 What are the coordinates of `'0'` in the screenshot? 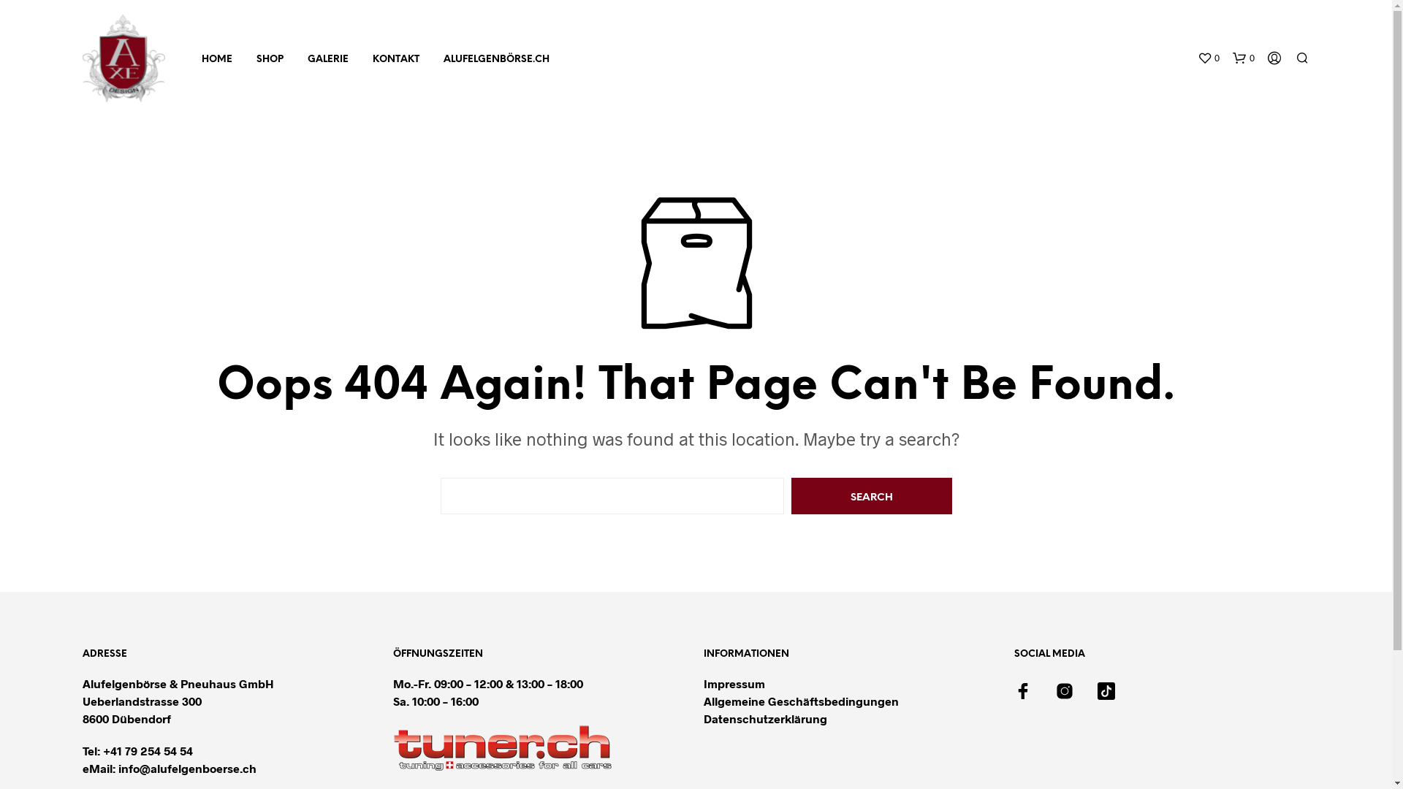 It's located at (1207, 58).